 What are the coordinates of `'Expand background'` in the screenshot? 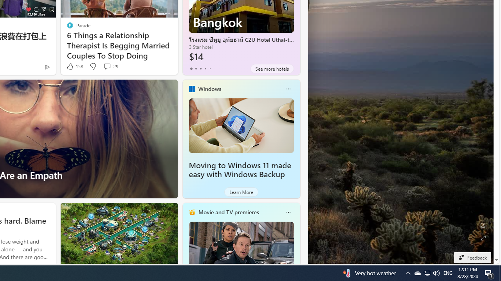 It's located at (482, 238).